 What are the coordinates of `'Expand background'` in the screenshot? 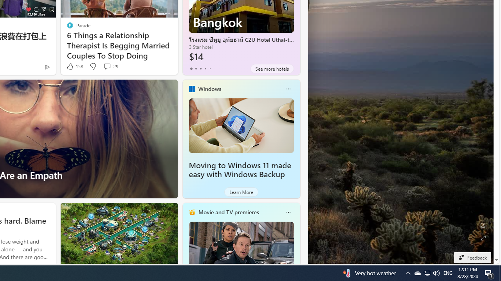 It's located at (482, 238).